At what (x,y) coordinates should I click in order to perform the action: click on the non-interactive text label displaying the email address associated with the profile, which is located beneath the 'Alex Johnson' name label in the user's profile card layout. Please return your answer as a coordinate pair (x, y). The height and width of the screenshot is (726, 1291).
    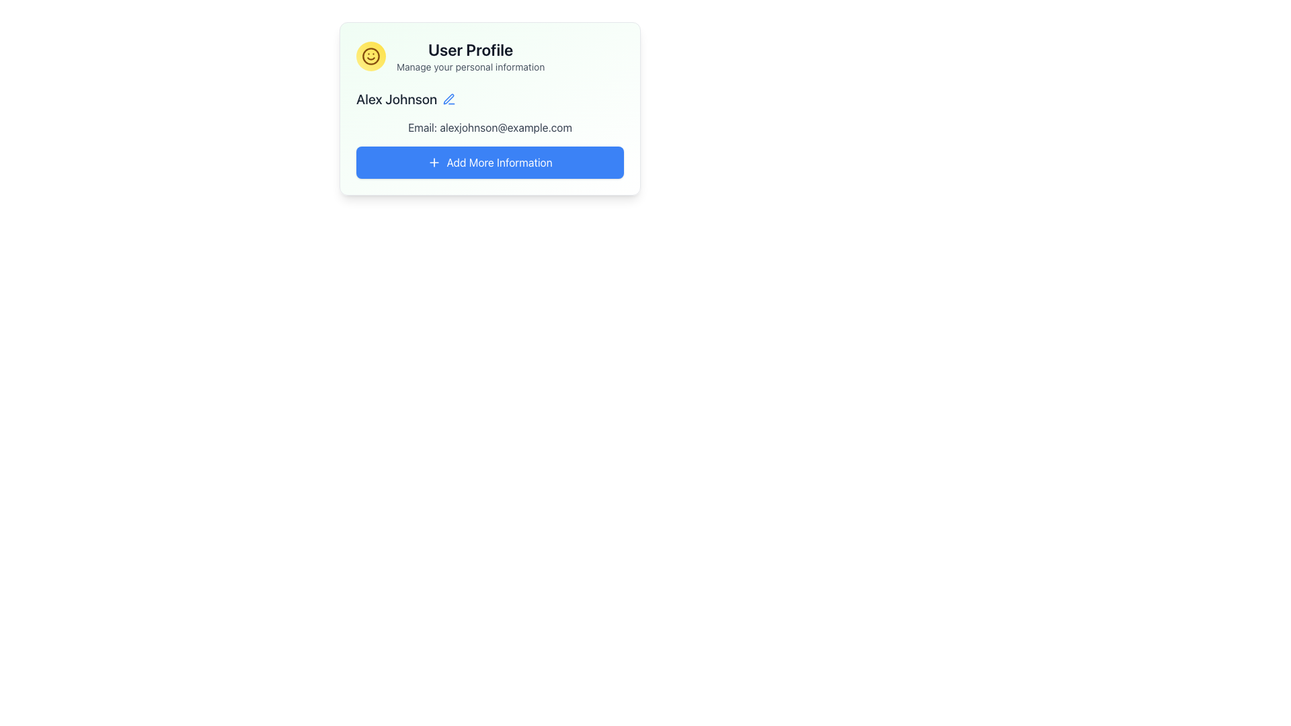
    Looking at the image, I should click on (490, 127).